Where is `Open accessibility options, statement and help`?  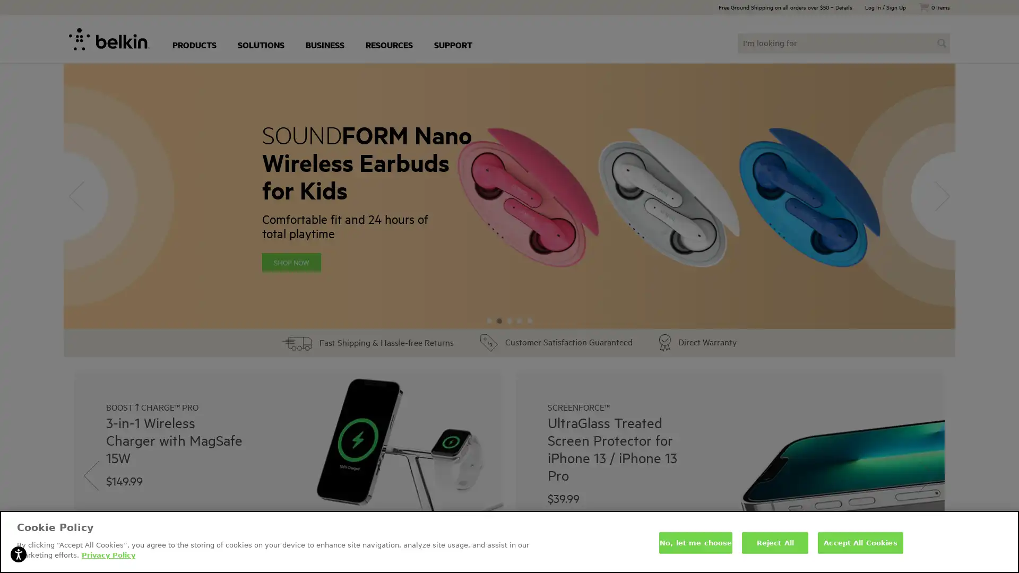
Open accessibility options, statement and help is located at coordinates (18, 554).